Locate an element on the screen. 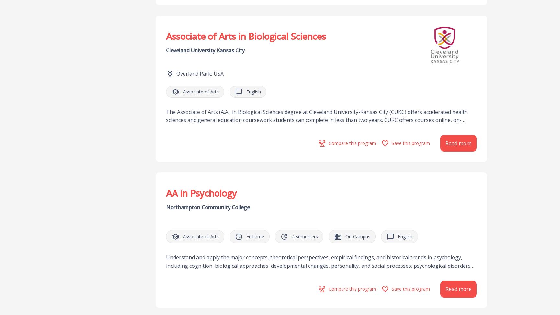  'Understand and apply the major concepts, theoretical perspectives, empirical findings, and historical trends in psychology, including cognition, biological approaches, developmental changes, personality, and social processes, psychological disorders and treatments, individual differences, methodology, and theories of stress and coping. Apply basic research methods in psychology, including research design, data analysis, and interpretation. Use critical and creative thinking, skeptical inquiry, and the scientific approach to solve problems related to behavior and mental processes. Apply psychological principles to personal, social, and organizational real-life settings.' is located at coordinates (165, 278).